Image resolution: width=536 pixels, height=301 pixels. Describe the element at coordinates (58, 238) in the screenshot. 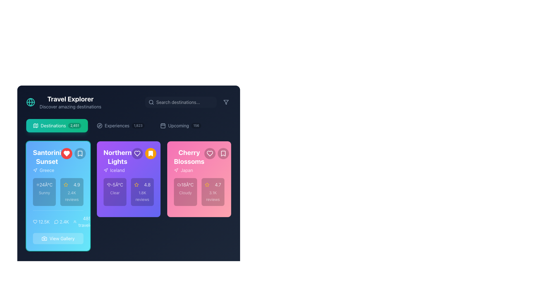

I see `the 'View Gallery' button, which is a rounded rectangle with a light blue background and white text, located at the bottom center of the 'Santorini Sunset' card` at that location.